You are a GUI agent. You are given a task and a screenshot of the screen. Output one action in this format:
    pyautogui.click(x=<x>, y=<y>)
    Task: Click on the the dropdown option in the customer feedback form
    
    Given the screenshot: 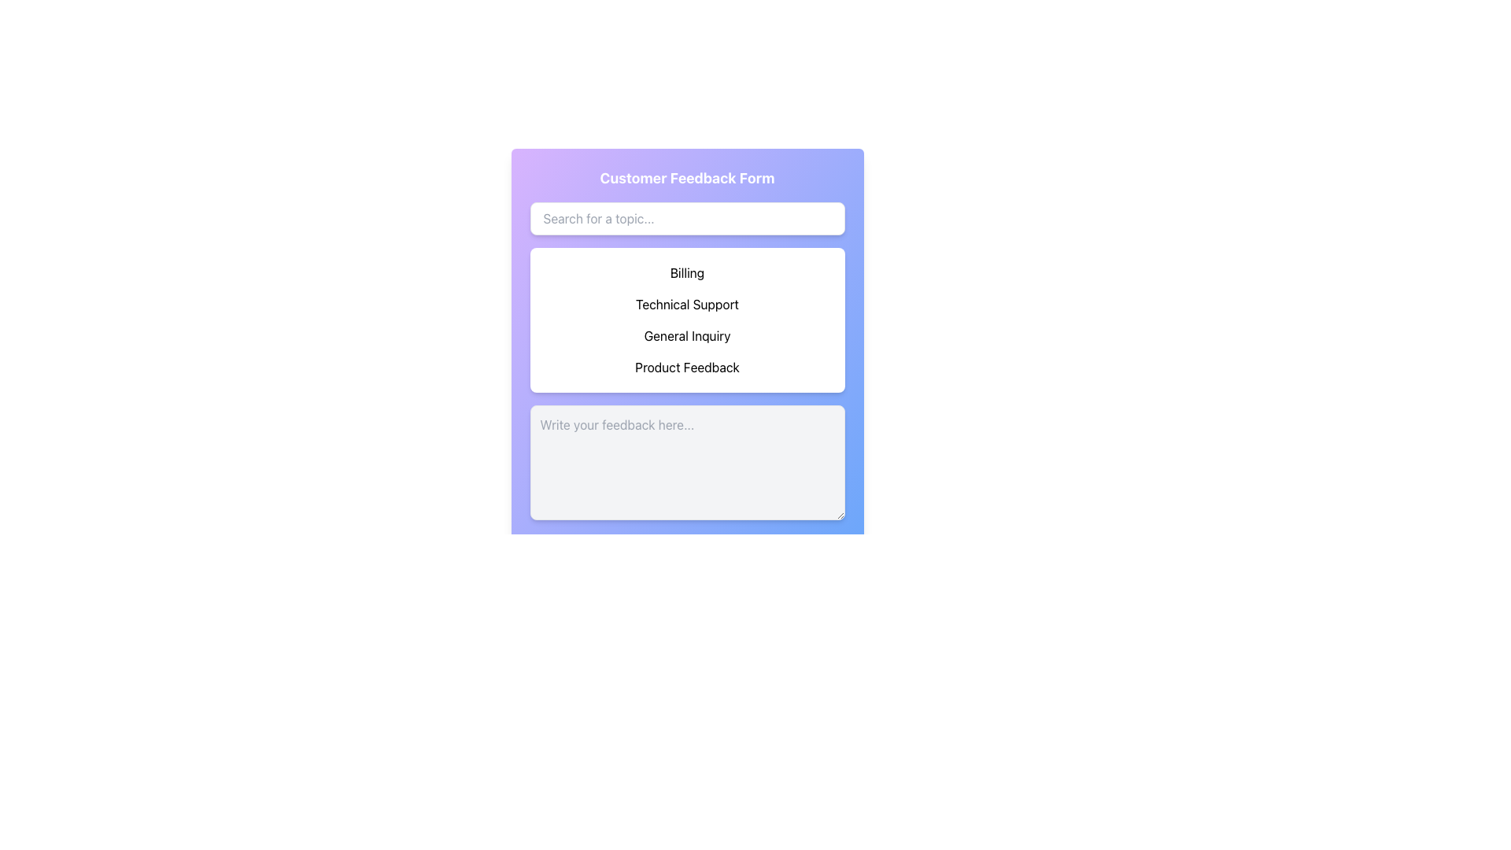 What is the action you would take?
    pyautogui.click(x=687, y=320)
    